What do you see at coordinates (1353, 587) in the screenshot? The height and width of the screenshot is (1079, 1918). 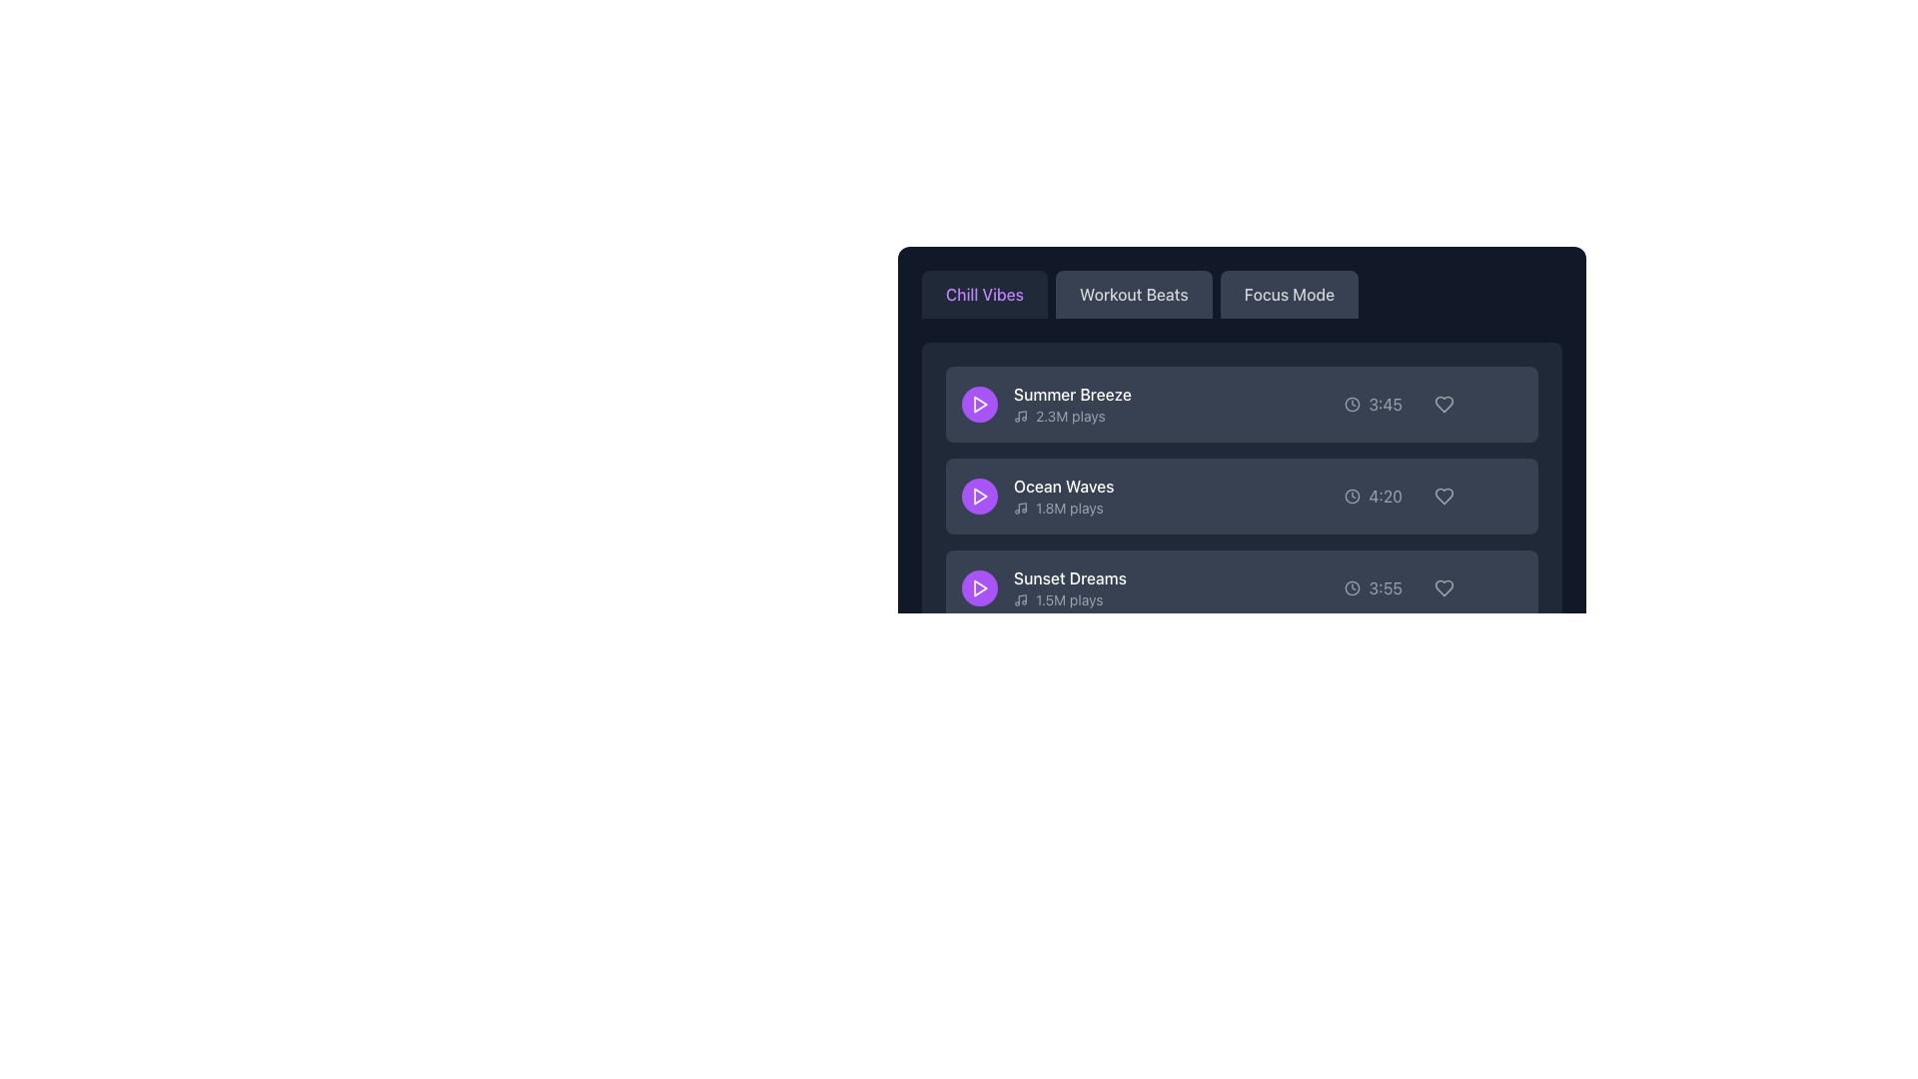 I see `the circular SVG element that is part of the clock icon located in the bottom-right corner of the third music track in the vertical list` at bounding box center [1353, 587].